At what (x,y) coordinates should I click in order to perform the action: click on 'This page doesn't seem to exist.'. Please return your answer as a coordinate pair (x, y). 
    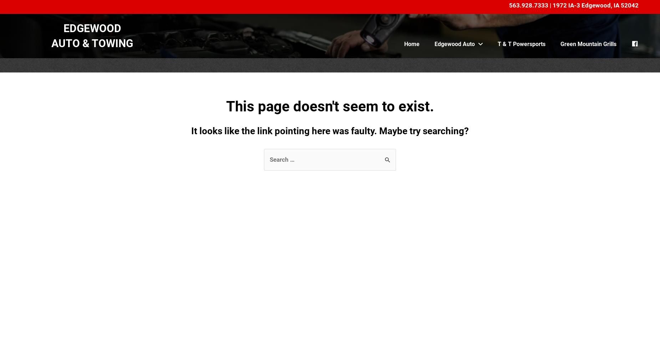
    Looking at the image, I should click on (226, 106).